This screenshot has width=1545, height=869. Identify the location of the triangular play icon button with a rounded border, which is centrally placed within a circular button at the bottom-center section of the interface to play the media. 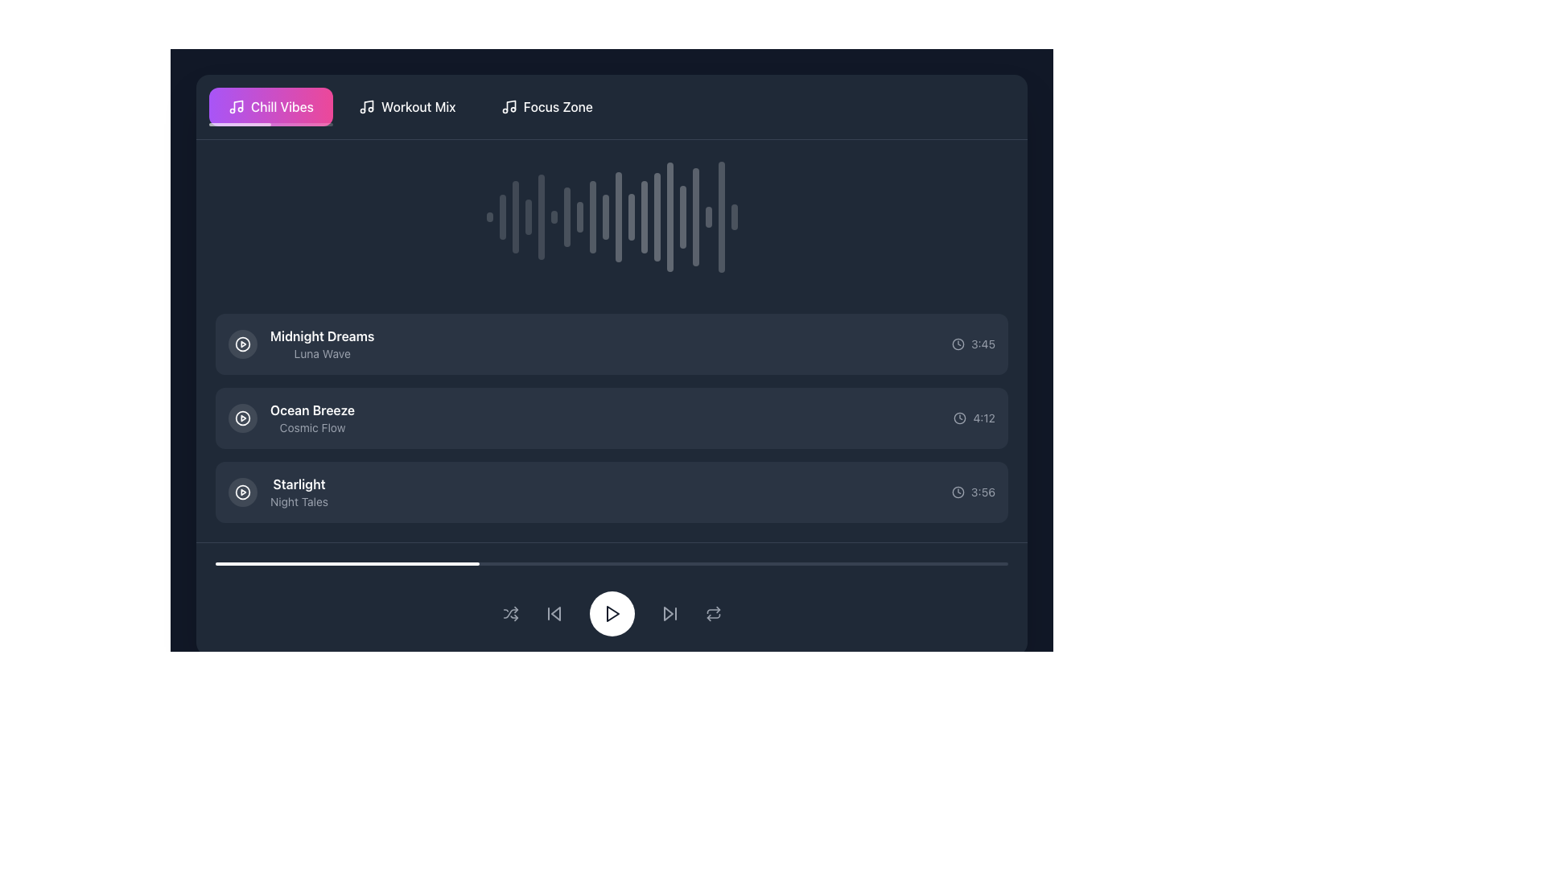
(611, 614).